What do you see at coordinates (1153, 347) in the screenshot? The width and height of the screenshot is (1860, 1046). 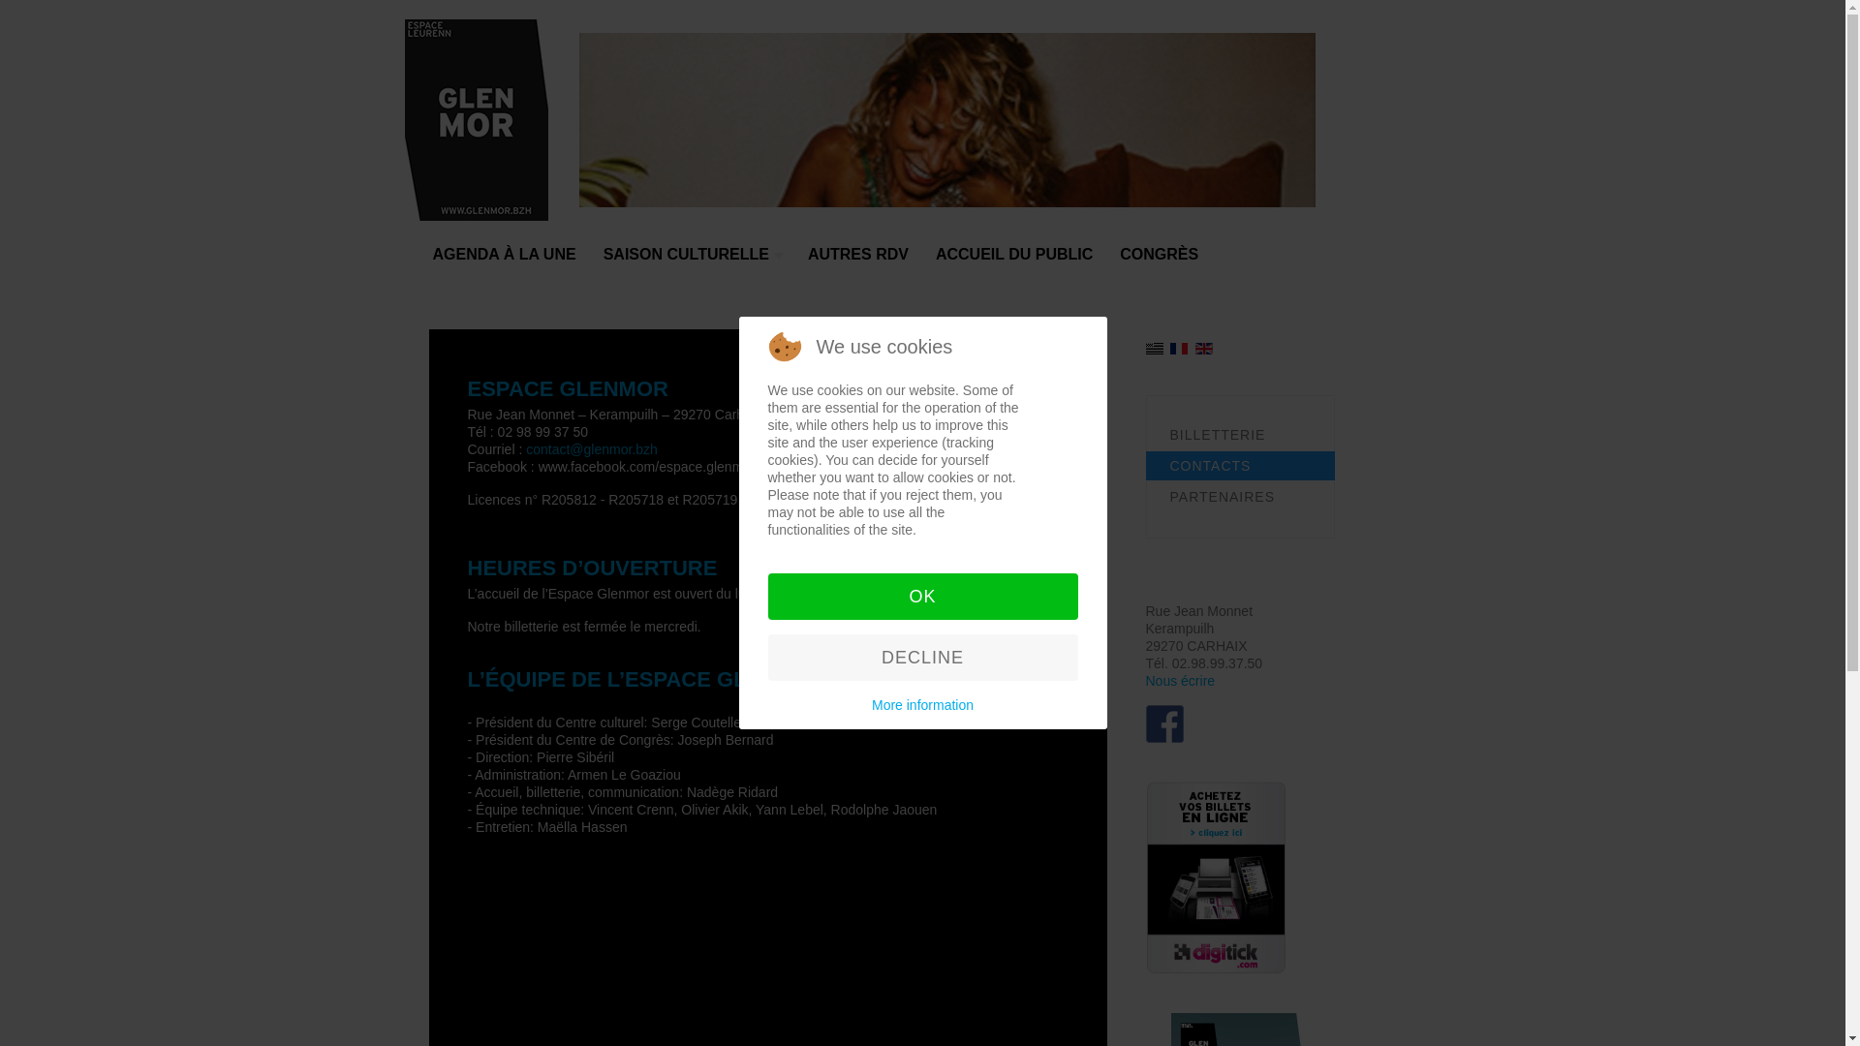 I see `'Breton'` at bounding box center [1153, 347].